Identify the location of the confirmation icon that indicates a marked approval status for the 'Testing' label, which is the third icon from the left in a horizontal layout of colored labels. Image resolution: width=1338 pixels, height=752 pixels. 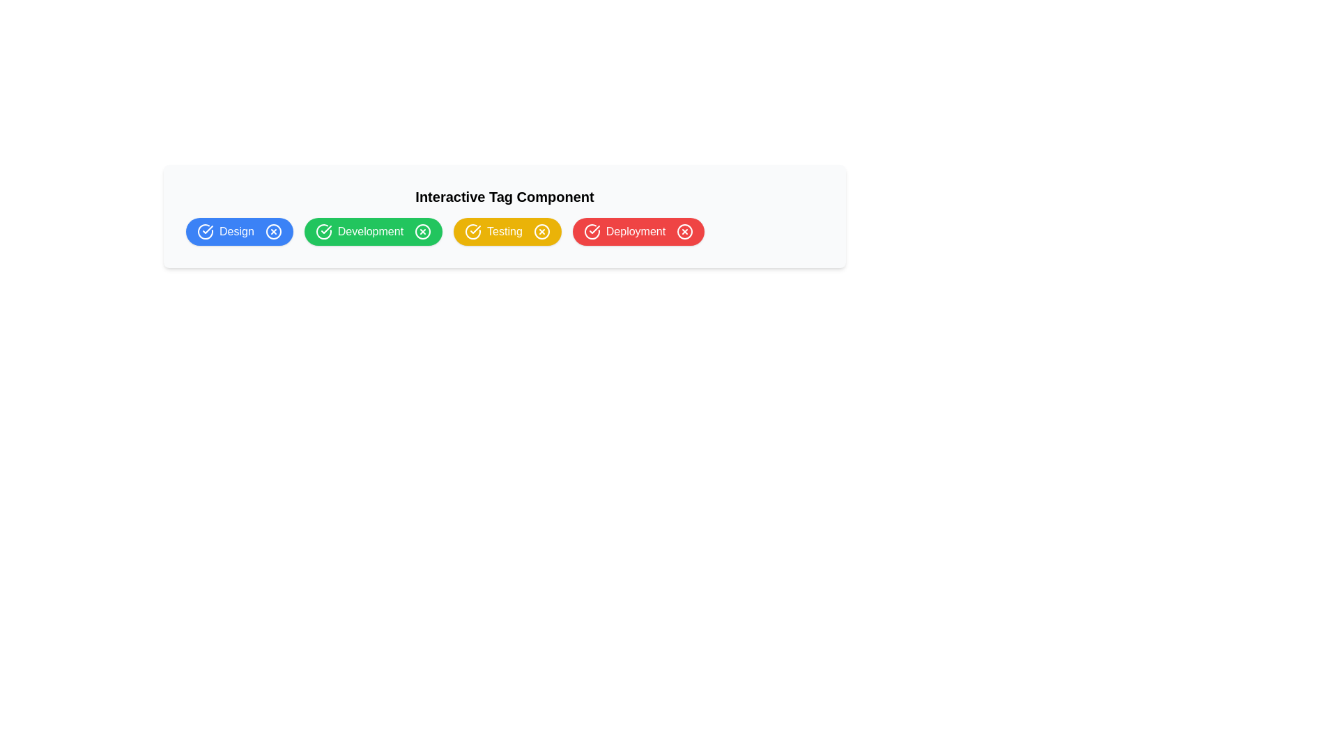
(475, 229).